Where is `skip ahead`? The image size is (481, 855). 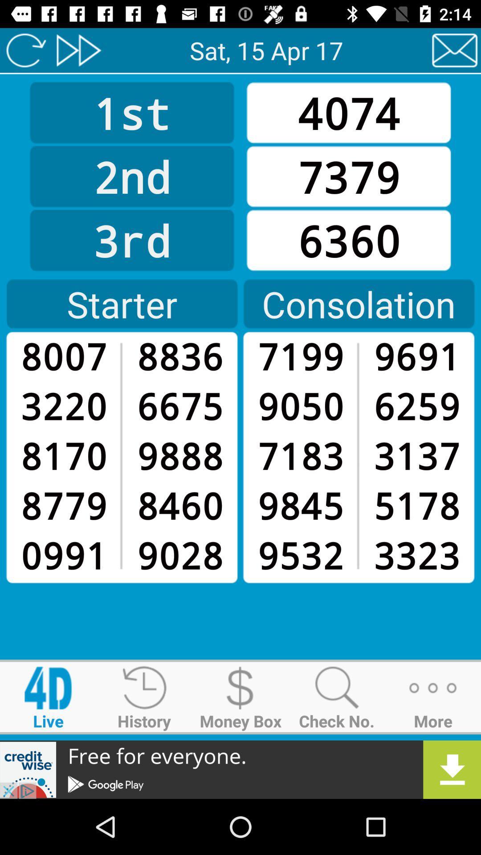 skip ahead is located at coordinates (78, 50).